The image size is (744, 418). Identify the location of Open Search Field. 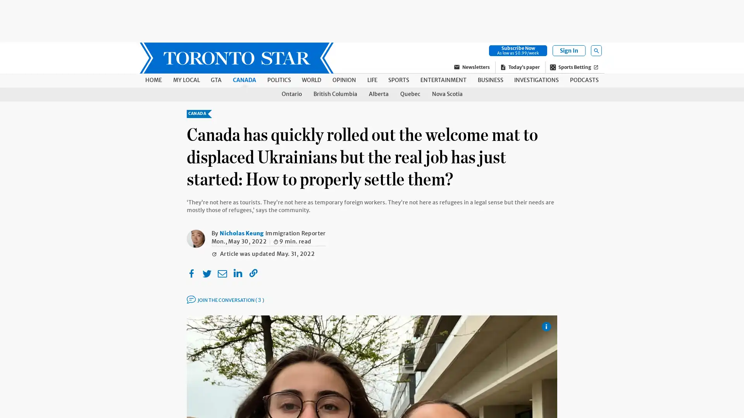
(596, 51).